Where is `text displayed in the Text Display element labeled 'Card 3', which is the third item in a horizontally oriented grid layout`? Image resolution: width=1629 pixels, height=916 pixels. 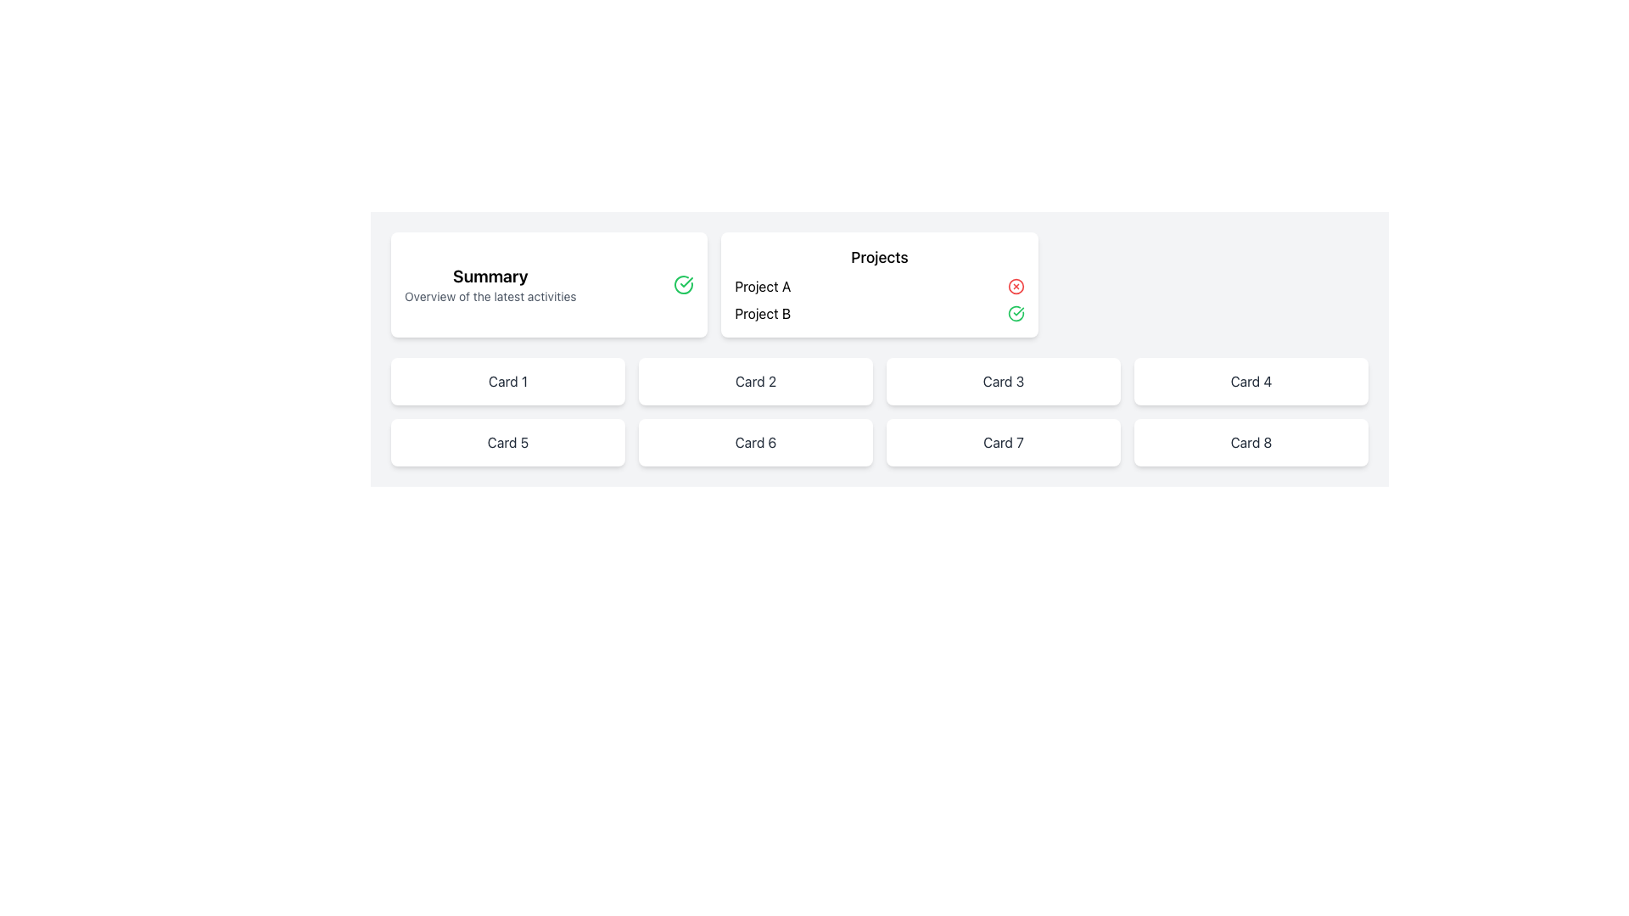
text displayed in the Text Display element labeled 'Card 3', which is the third item in a horizontally oriented grid layout is located at coordinates (1003, 382).